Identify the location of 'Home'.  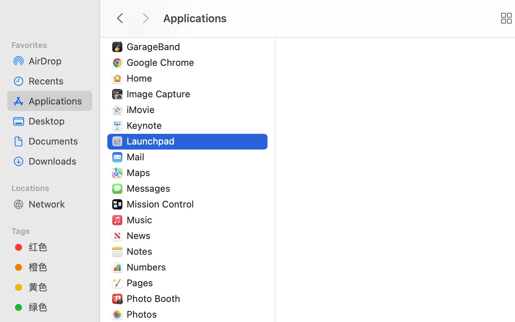
(140, 78).